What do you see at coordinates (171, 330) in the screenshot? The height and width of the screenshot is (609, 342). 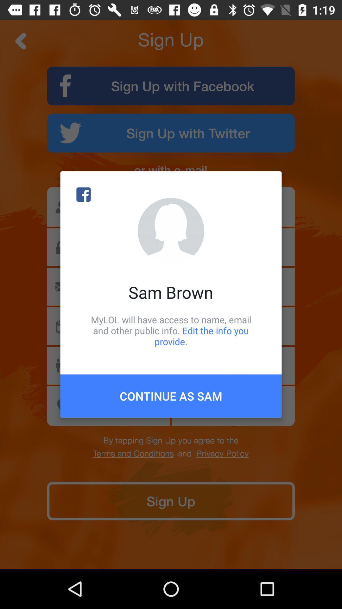 I see `the item above the continue as sam icon` at bounding box center [171, 330].